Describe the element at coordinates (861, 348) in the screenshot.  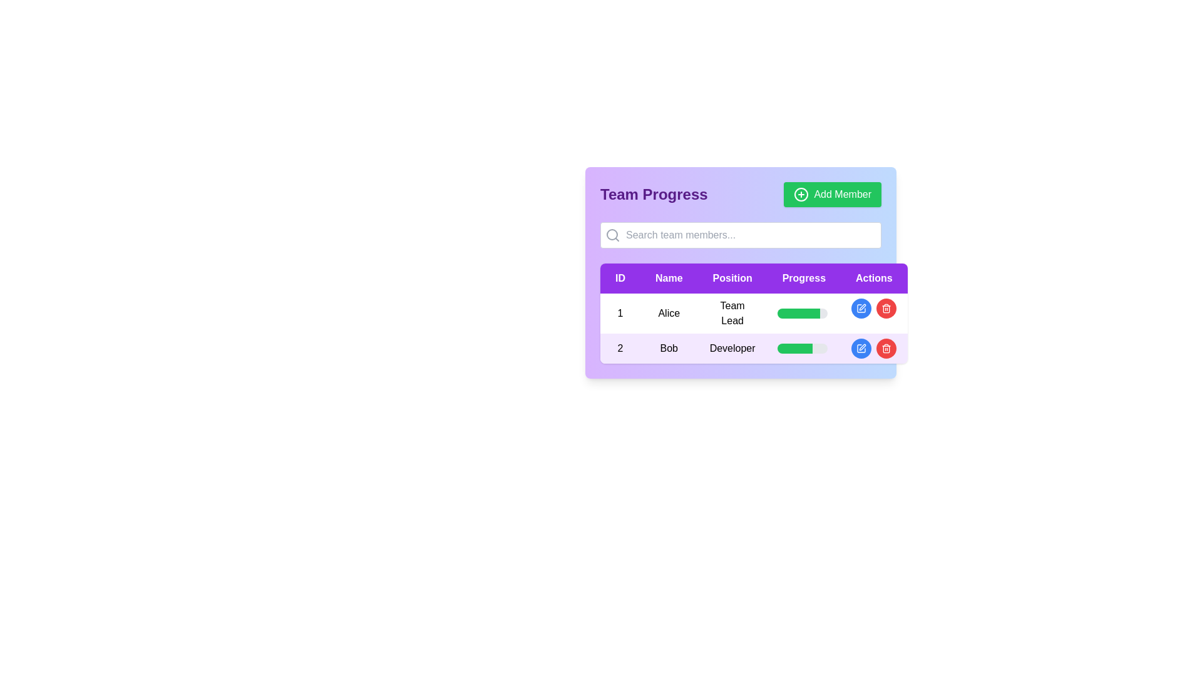
I see `the edit button icon located in the 'Actions' column of the second row for 'Bob, Developer'` at that location.